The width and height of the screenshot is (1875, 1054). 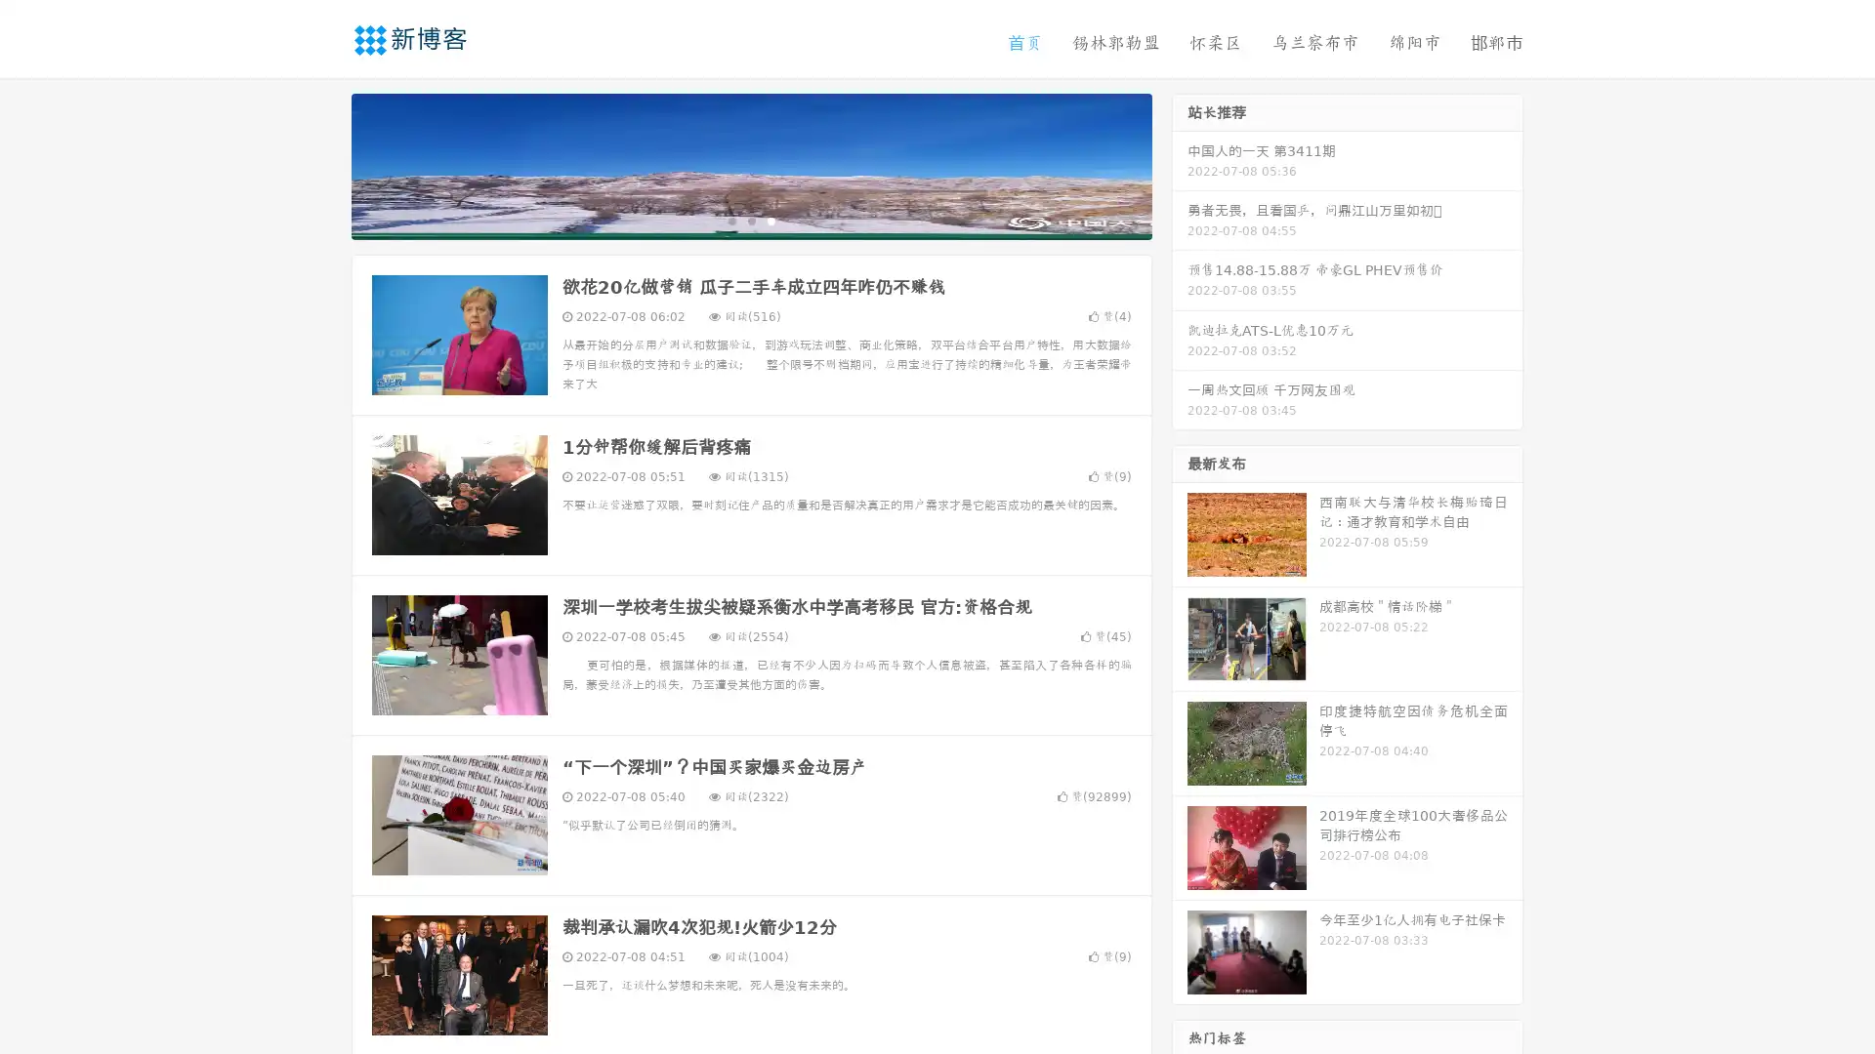 I want to click on Go to slide 3, so click(x=771, y=220).